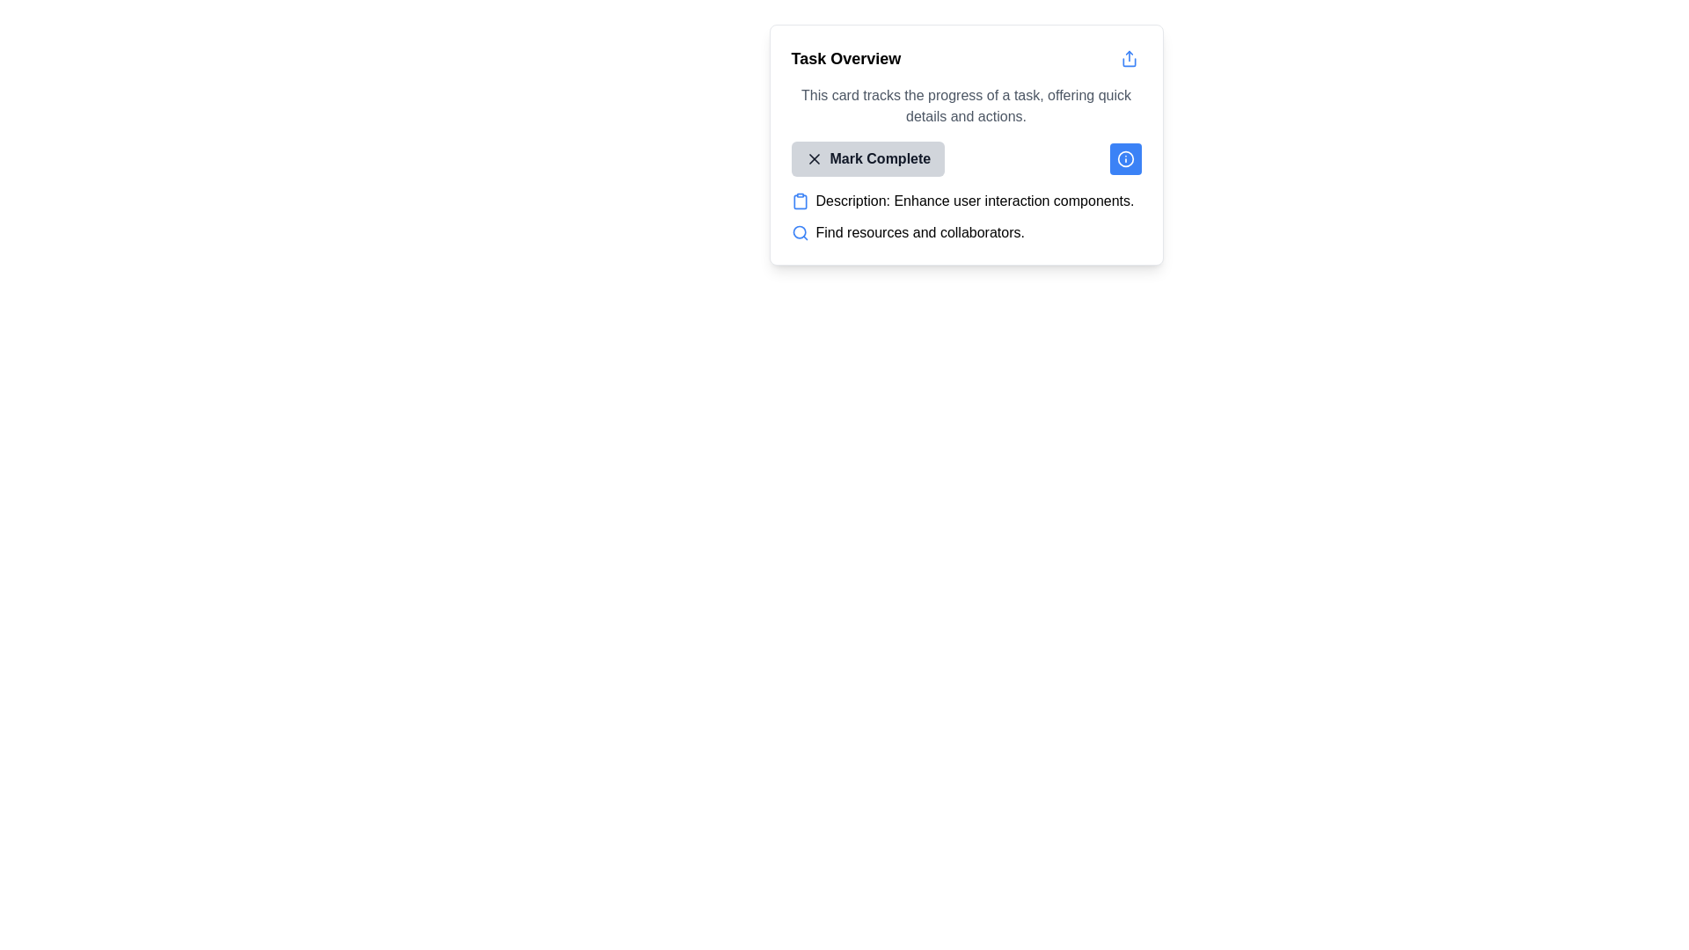 This screenshot has height=950, width=1689. I want to click on the share button with a blue outline and rounded background, located at the top-right corner of the 'Task Overview' card layout, so click(1129, 57).